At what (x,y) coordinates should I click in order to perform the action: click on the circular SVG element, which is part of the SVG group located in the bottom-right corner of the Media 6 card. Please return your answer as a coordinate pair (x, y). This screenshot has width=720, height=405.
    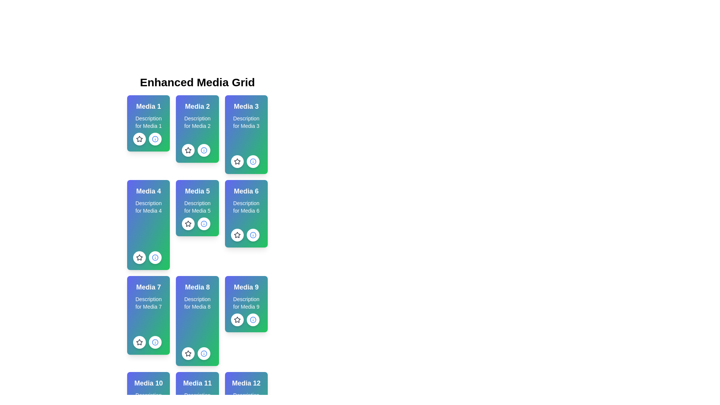
    Looking at the image, I should click on (154, 257).